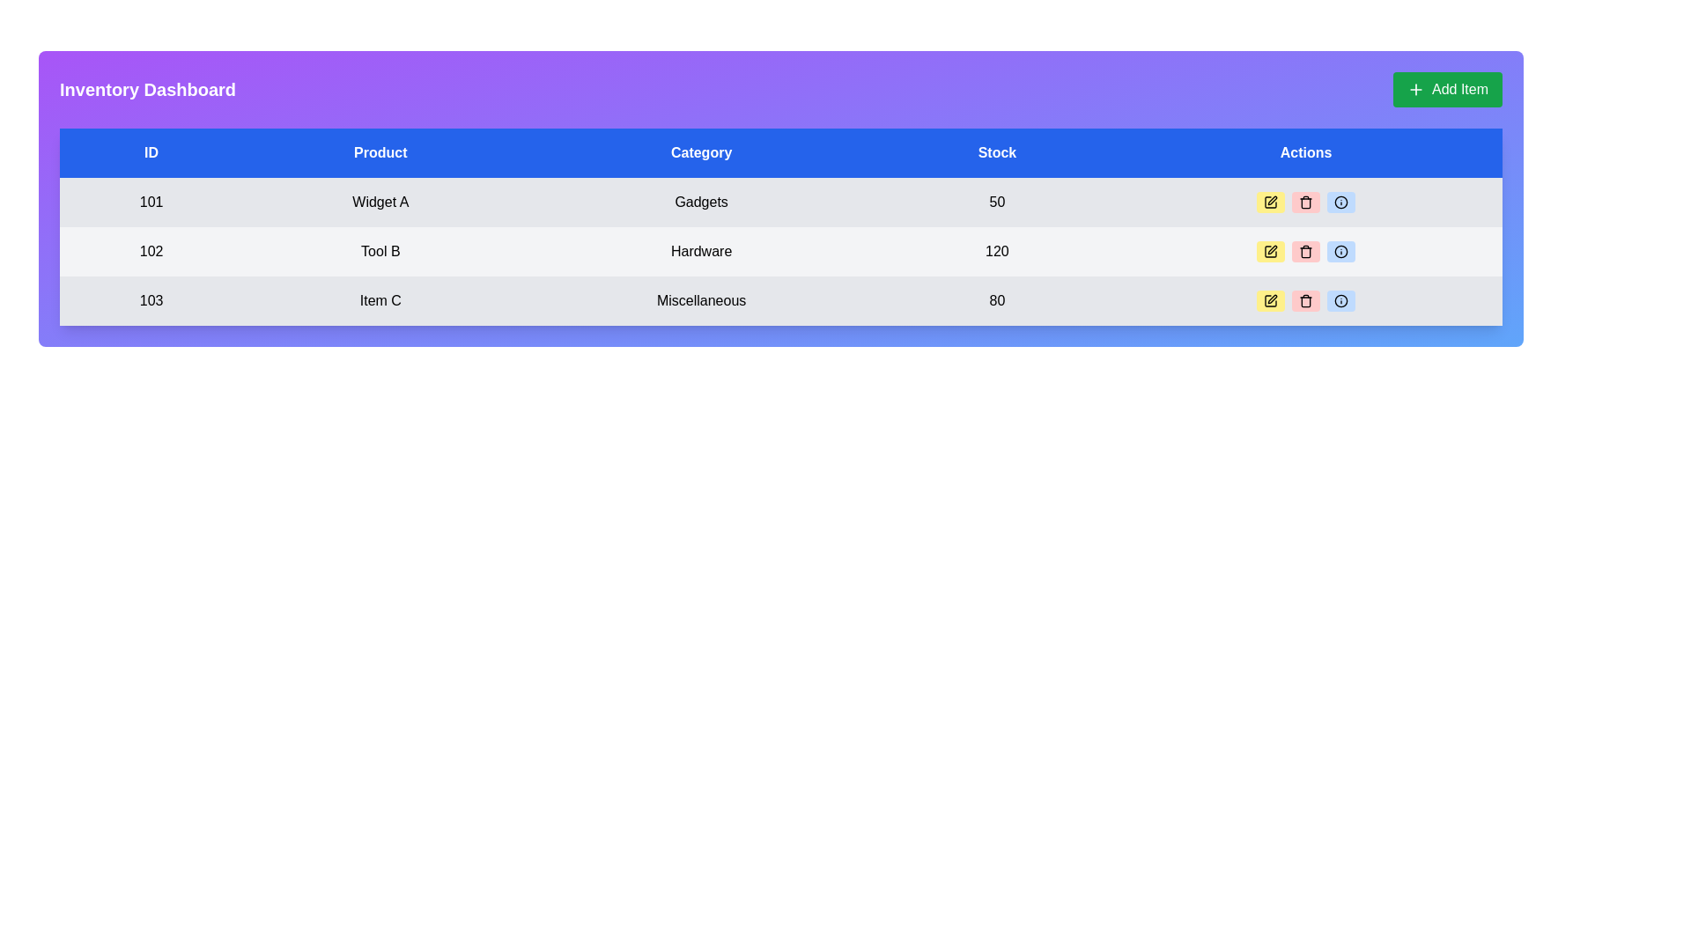 The height and width of the screenshot is (951, 1691). What do you see at coordinates (380, 202) in the screenshot?
I see `the centered text label displaying 'Widget A' located in the second column of the first data row beneath the header labeled 'Product'` at bounding box center [380, 202].